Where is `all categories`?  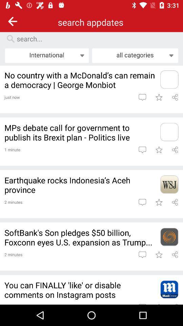 all categories is located at coordinates (135, 55).